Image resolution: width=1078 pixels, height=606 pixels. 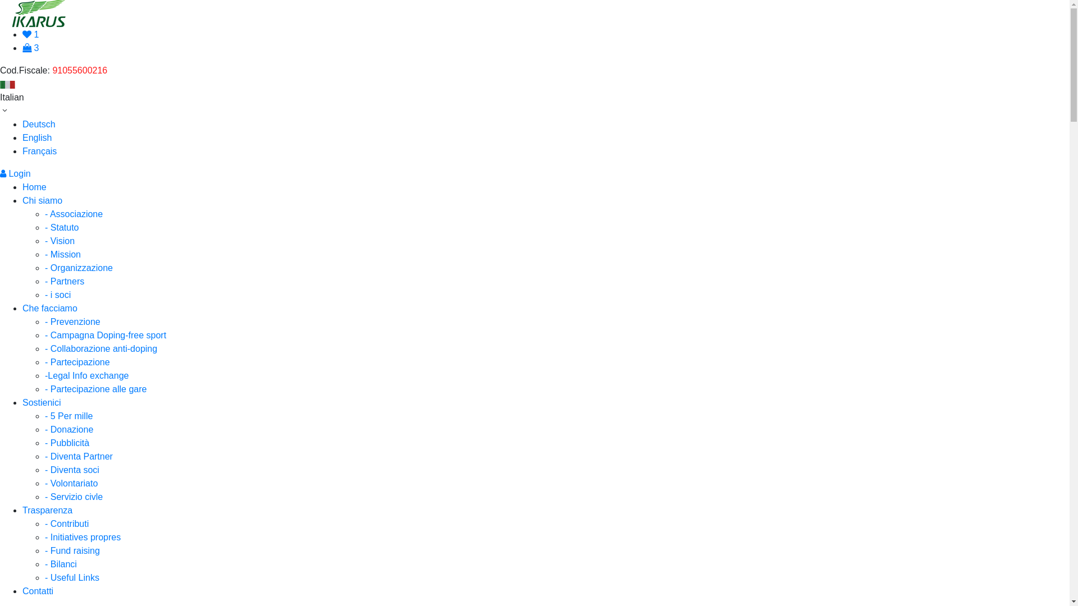 What do you see at coordinates (45, 456) in the screenshot?
I see `'- Diventa Partner'` at bounding box center [45, 456].